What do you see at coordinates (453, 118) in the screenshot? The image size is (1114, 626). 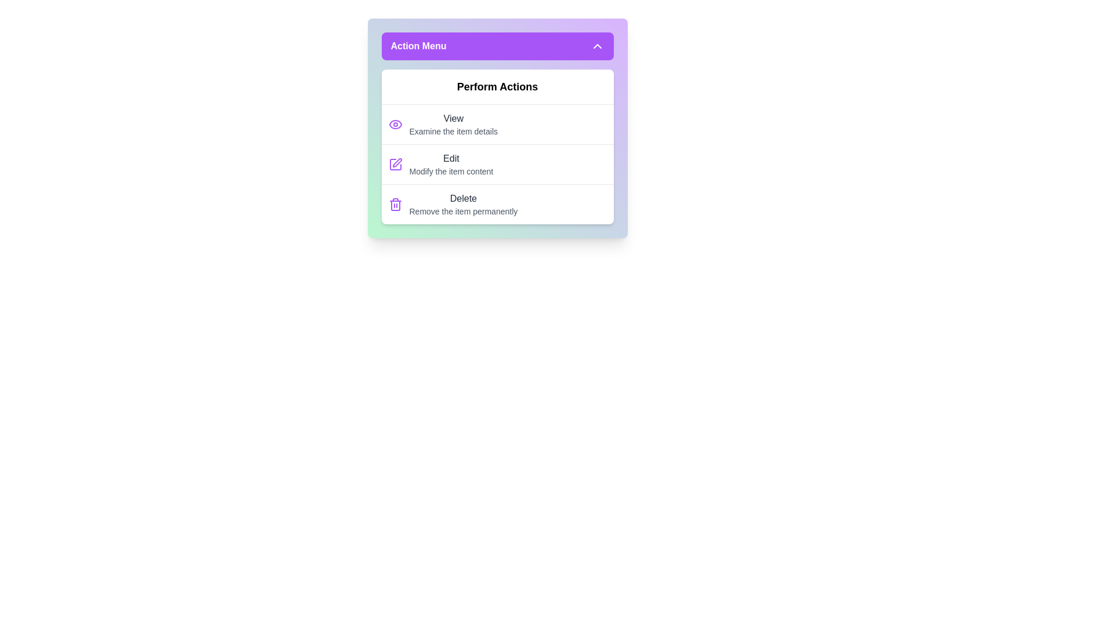 I see `the 'View' action item in the action menu` at bounding box center [453, 118].